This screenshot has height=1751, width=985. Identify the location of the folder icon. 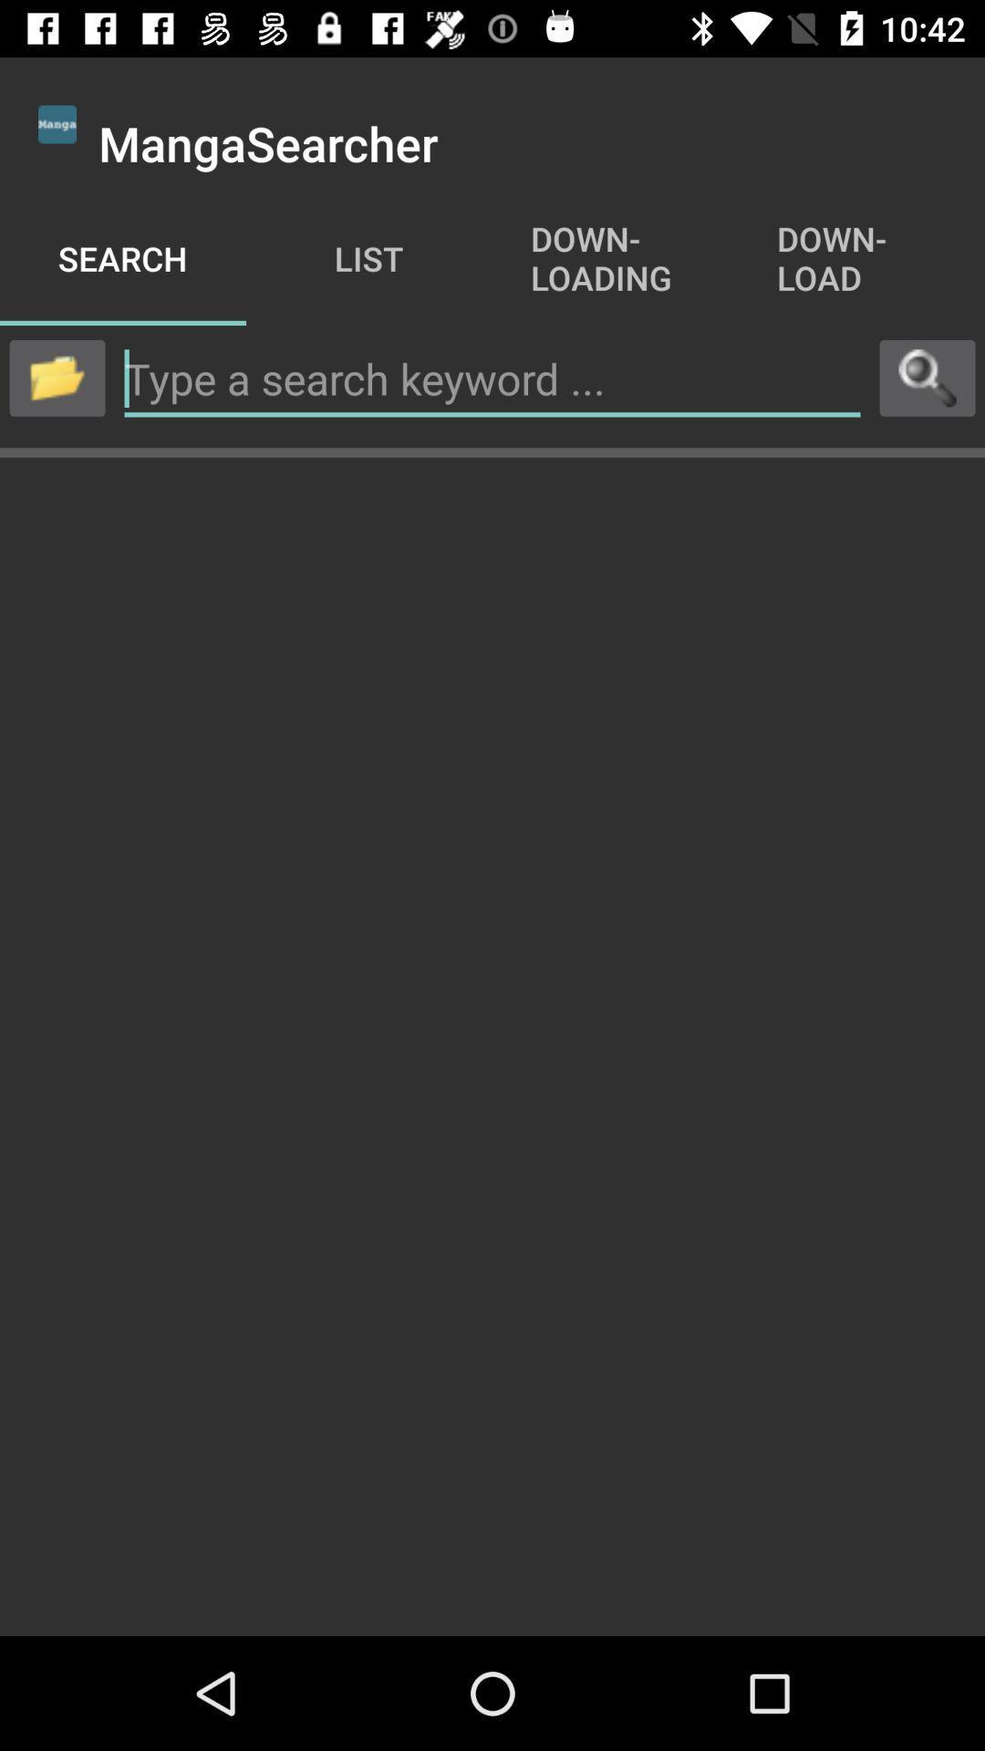
(56, 377).